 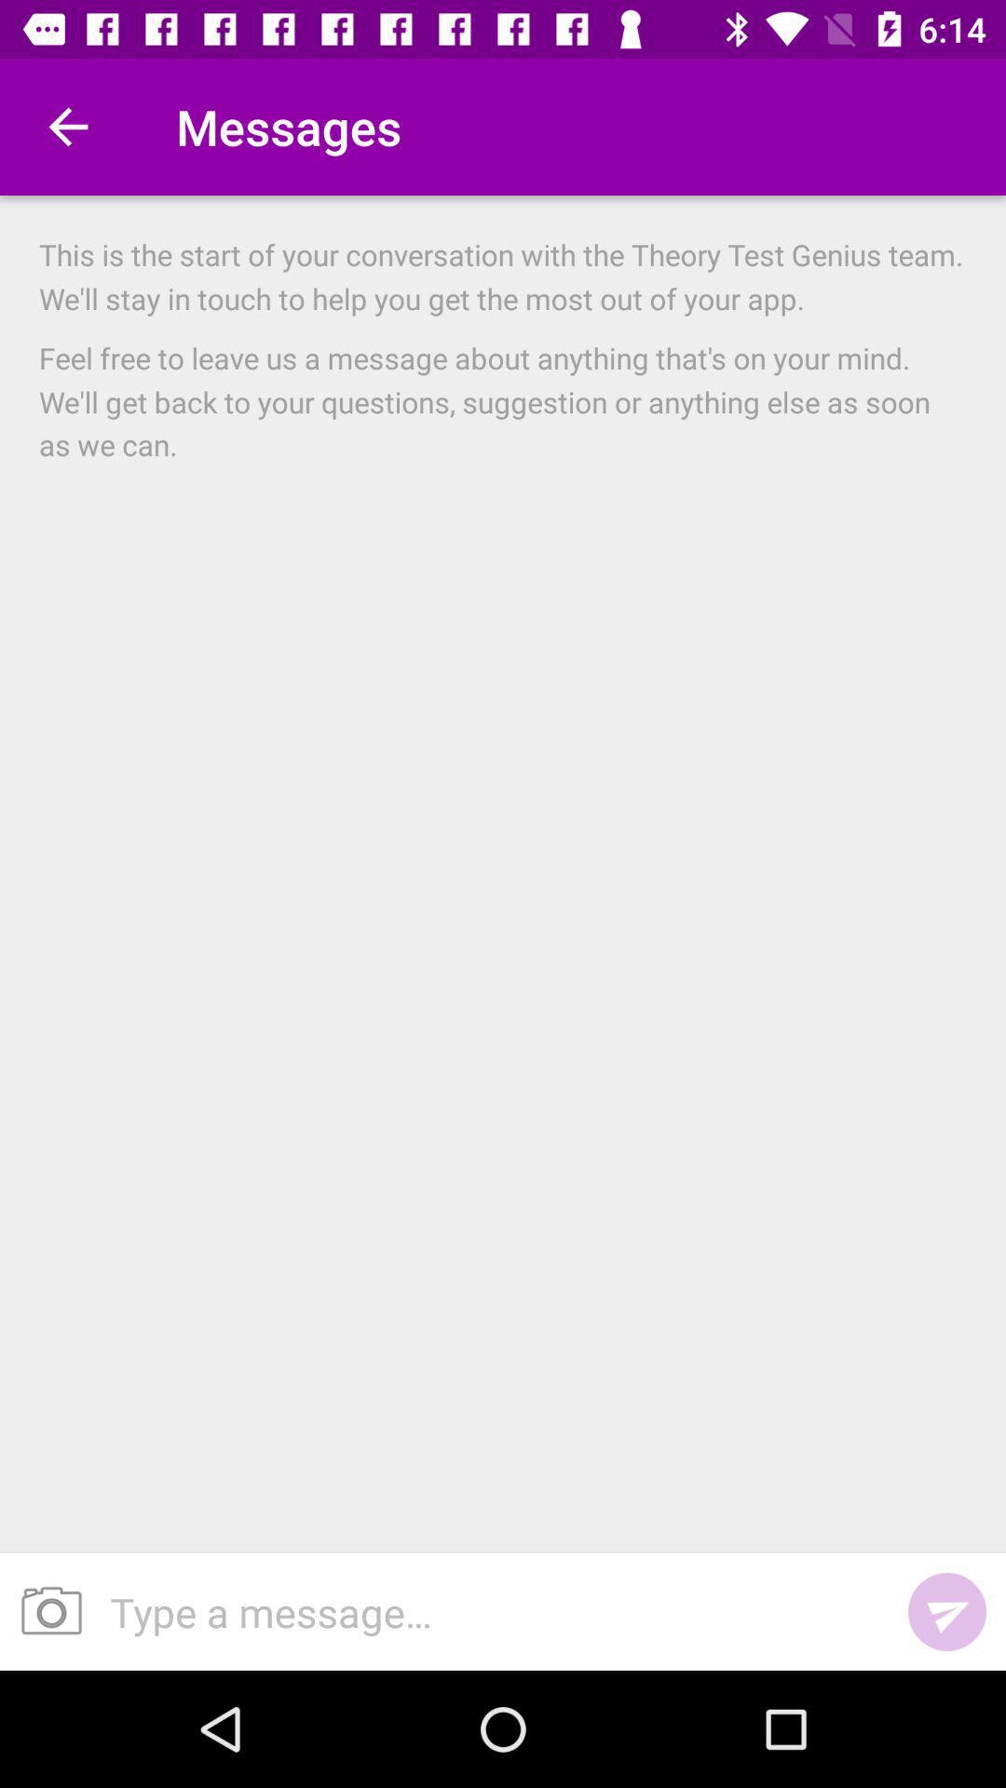 I want to click on the item below feel free to, so click(x=947, y=1611).